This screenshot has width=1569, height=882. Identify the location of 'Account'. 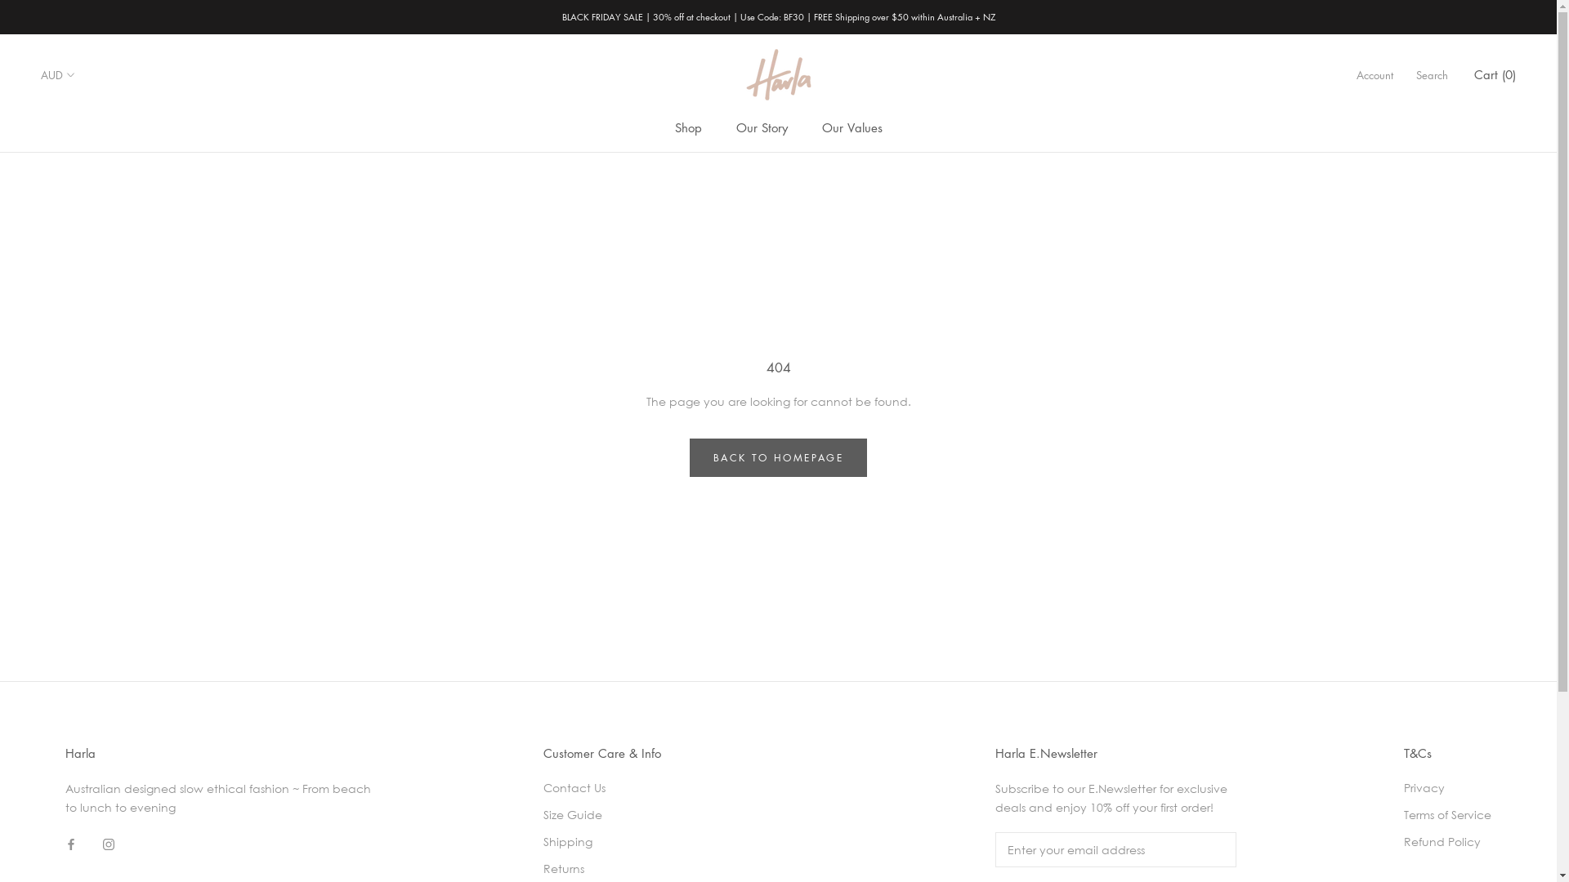
(1374, 74).